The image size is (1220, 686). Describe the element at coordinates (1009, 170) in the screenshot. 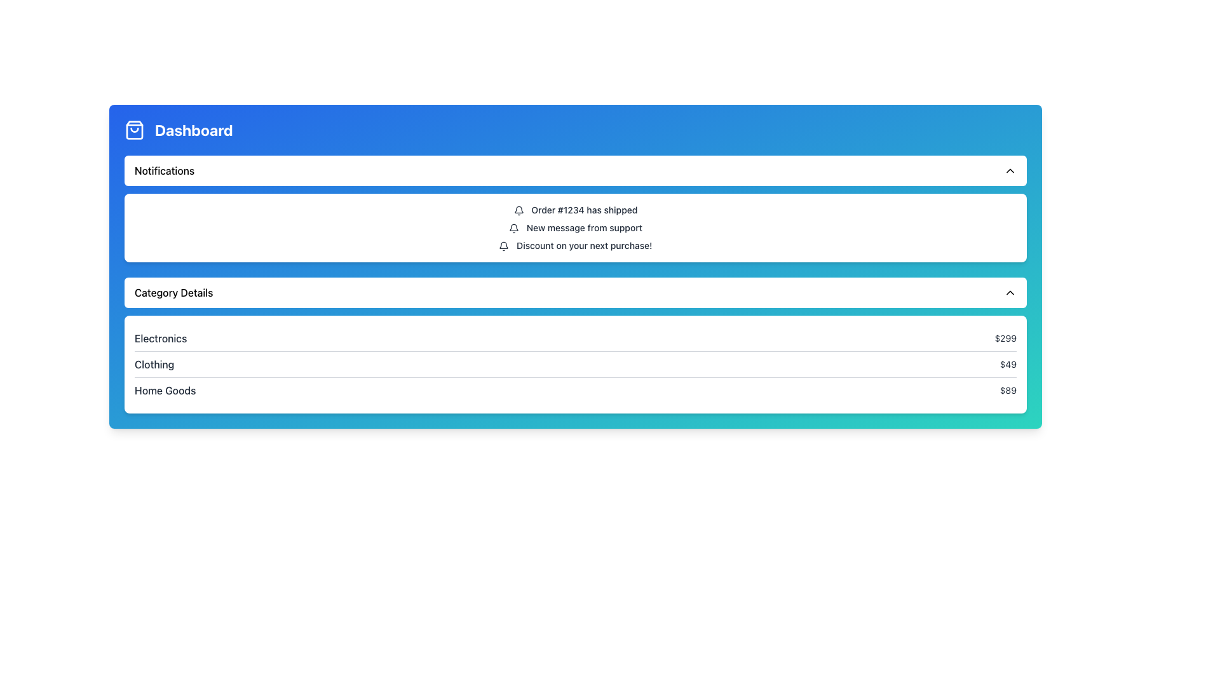

I see `the icon located in the top-right corner of the 'Notifications' header area` at that location.